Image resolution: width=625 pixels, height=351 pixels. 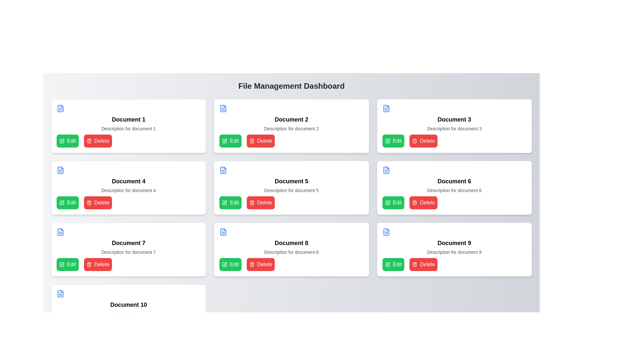 I want to click on the text label displaying 'Document 4', which is styled prominently in bold and large font at the top of its card component, so click(x=129, y=181).